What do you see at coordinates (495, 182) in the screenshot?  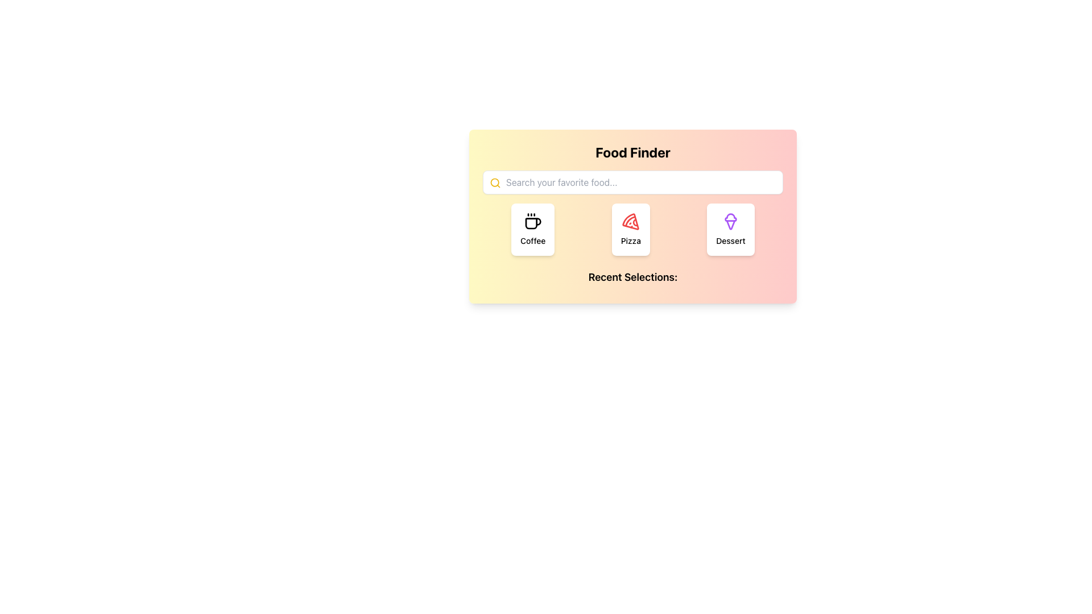 I see `the state of the circular red search icon, which is located inside the search graphic at the left of the search bar` at bounding box center [495, 182].